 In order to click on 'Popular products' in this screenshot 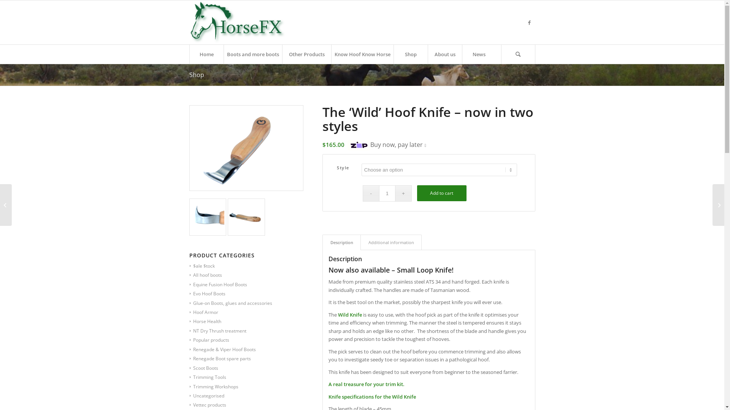, I will do `click(209, 339)`.